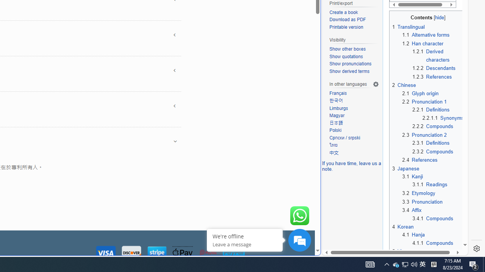 This screenshot has width=485, height=272. I want to click on 'Show quotations', so click(346, 56).